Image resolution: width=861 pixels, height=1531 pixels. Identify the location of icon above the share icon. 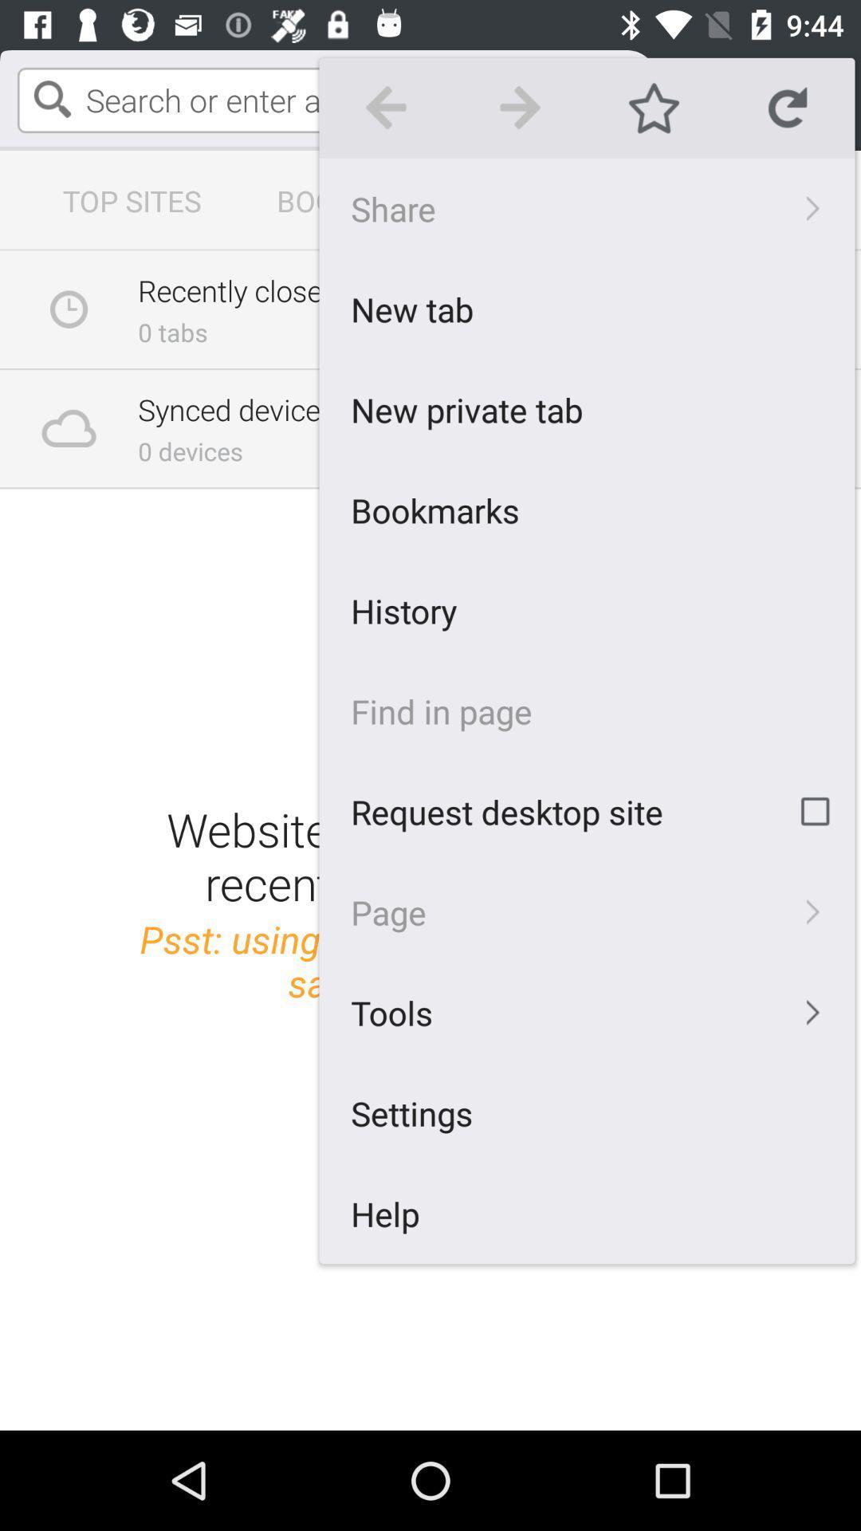
(386, 107).